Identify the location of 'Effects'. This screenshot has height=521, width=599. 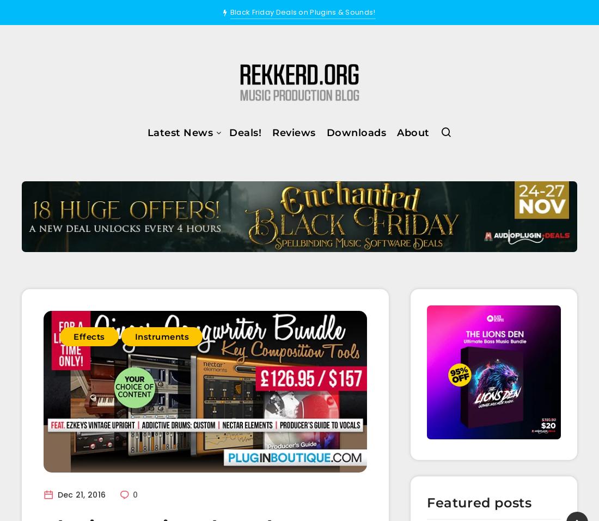
(113, 208).